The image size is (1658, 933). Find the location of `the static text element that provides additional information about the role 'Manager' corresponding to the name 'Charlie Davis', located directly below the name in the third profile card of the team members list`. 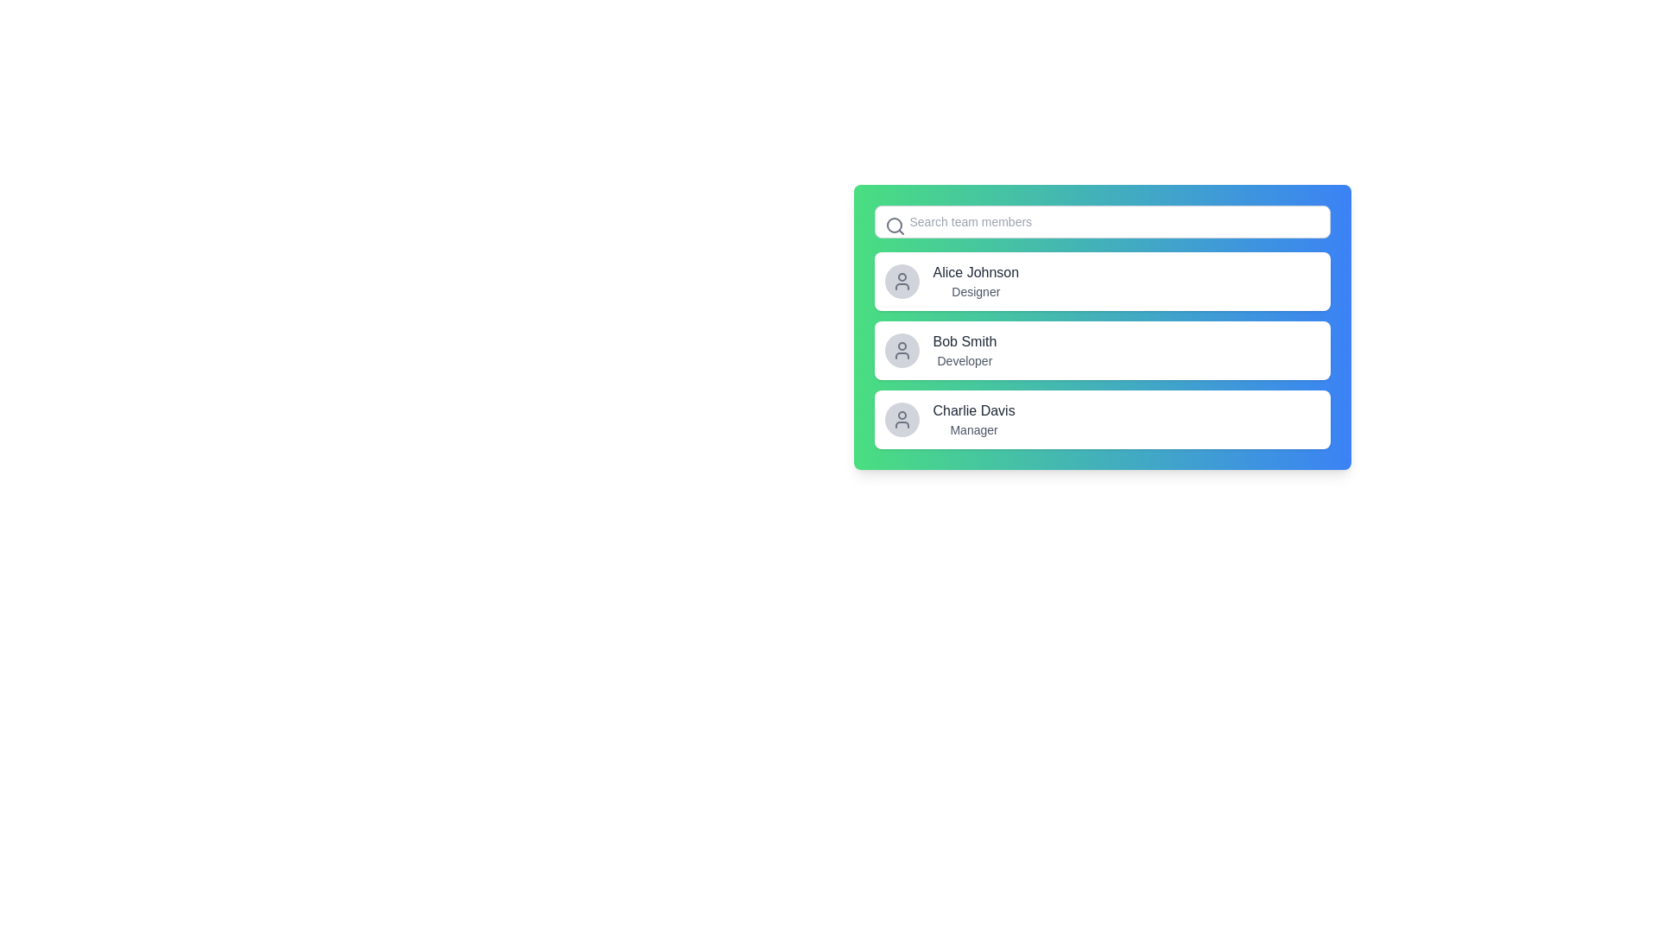

the static text element that provides additional information about the role 'Manager' corresponding to the name 'Charlie Davis', located directly below the name in the third profile card of the team members list is located at coordinates (974, 428).